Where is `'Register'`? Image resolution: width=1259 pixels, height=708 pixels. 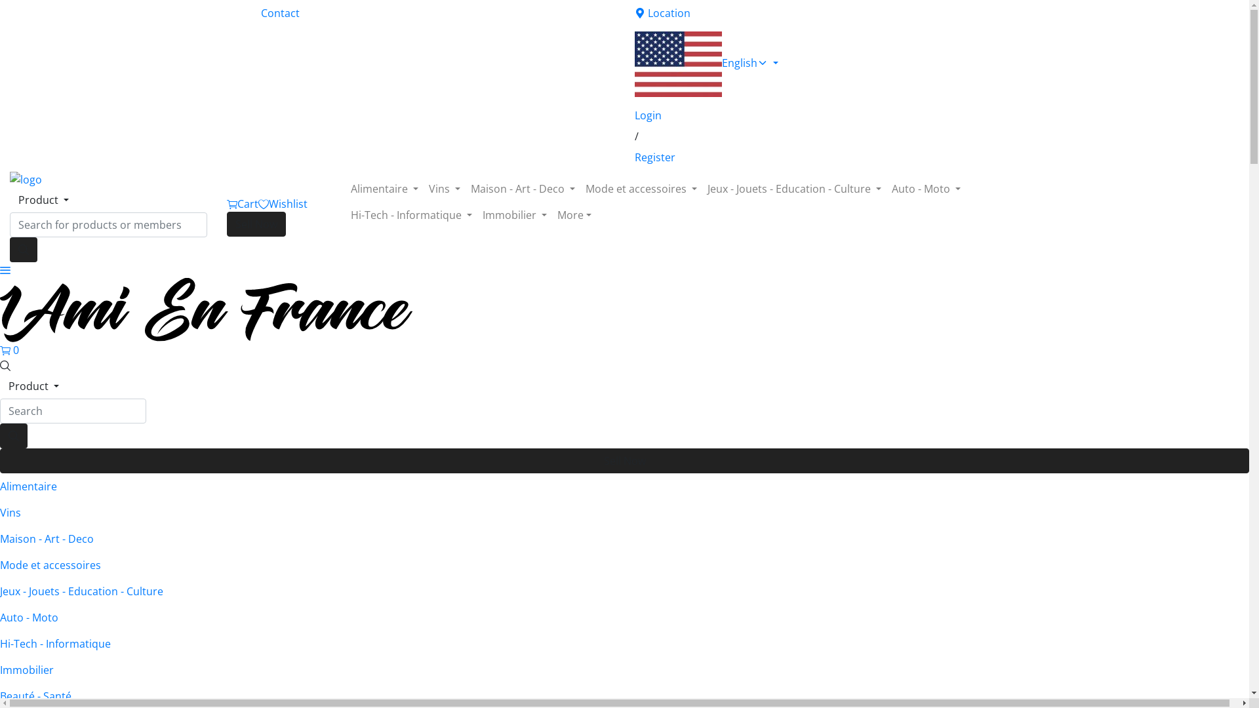
'Register' is located at coordinates (811, 156).